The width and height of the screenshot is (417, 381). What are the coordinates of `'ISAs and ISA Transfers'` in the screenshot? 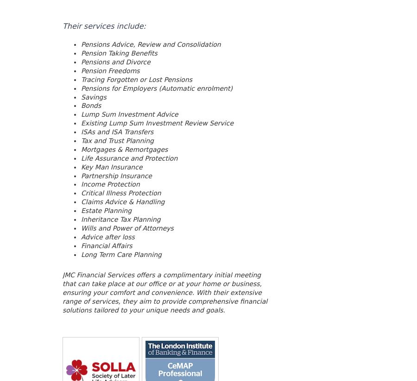 It's located at (81, 132).